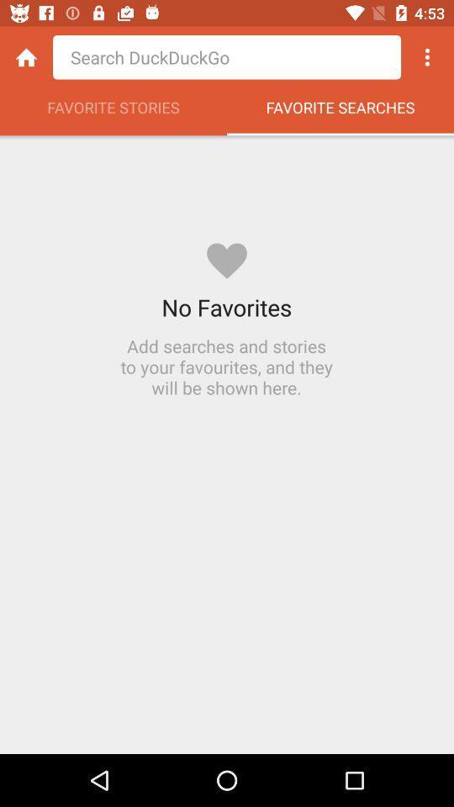 Image resolution: width=454 pixels, height=807 pixels. What do you see at coordinates (227, 57) in the screenshot?
I see `search query` at bounding box center [227, 57].